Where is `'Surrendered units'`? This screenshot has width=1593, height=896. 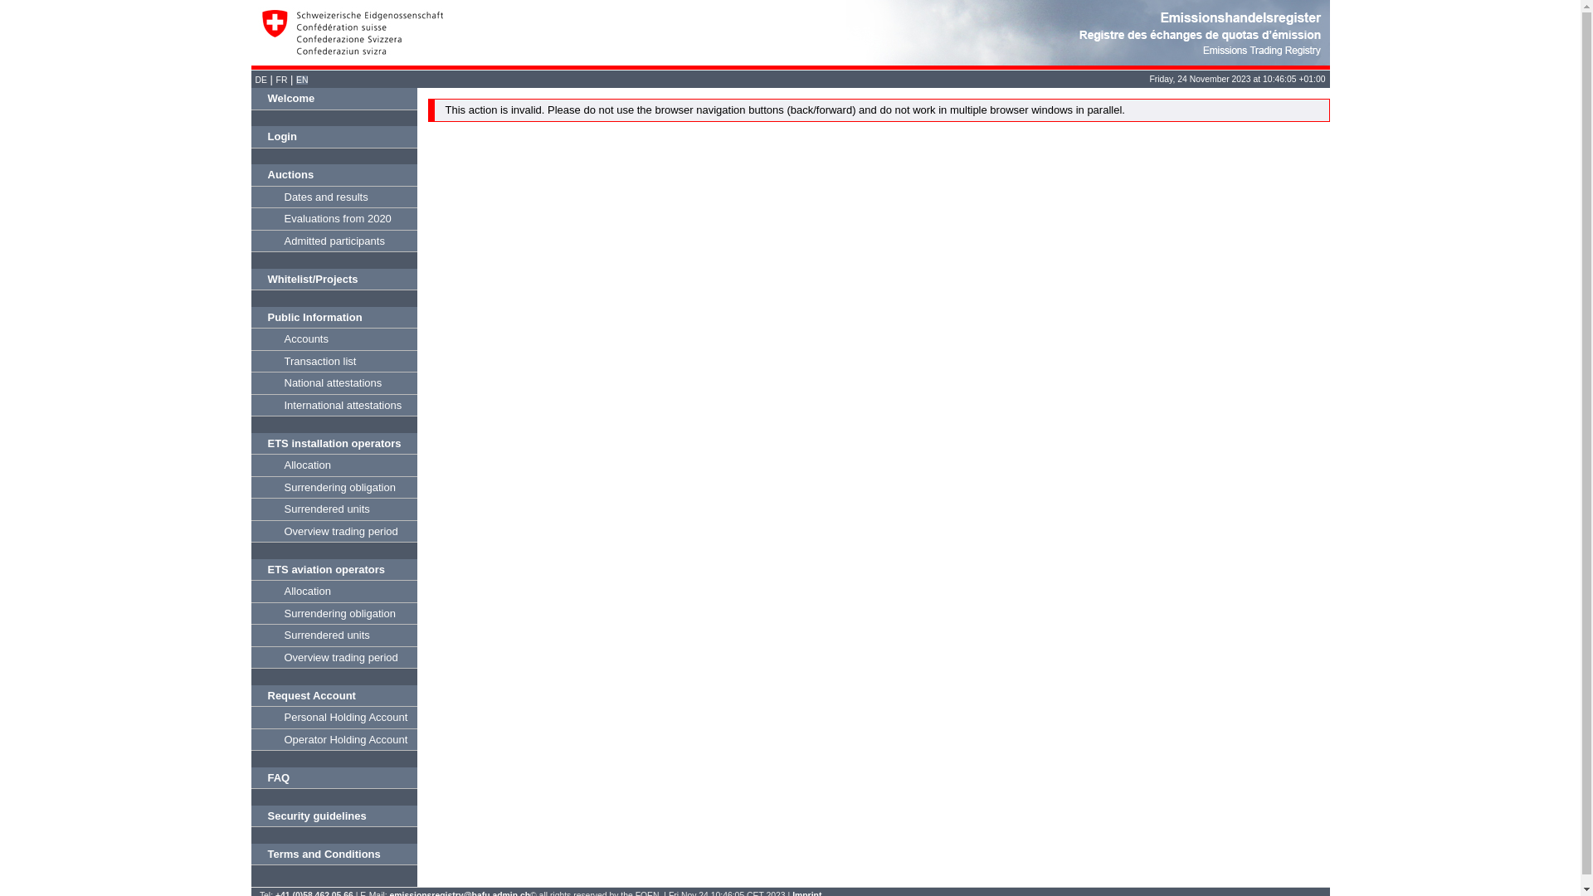
'Surrendered units' is located at coordinates (333, 509).